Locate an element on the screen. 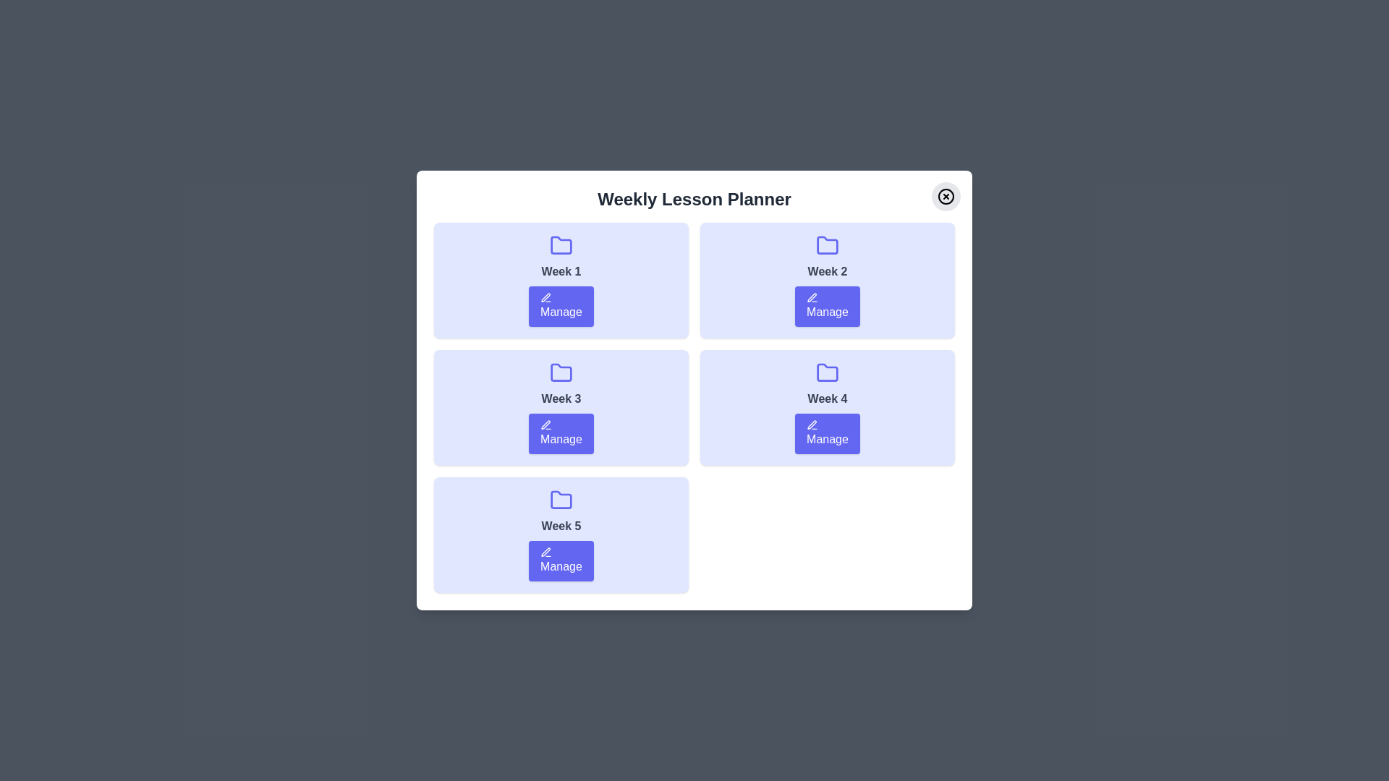 This screenshot has height=781, width=1389. the folder icon for Week 3 is located at coordinates (561, 372).